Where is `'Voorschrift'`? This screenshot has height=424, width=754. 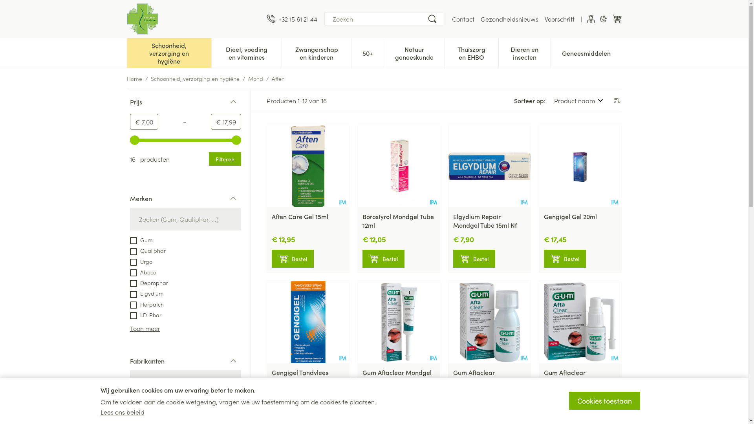 'Voorschrift' is located at coordinates (544, 18).